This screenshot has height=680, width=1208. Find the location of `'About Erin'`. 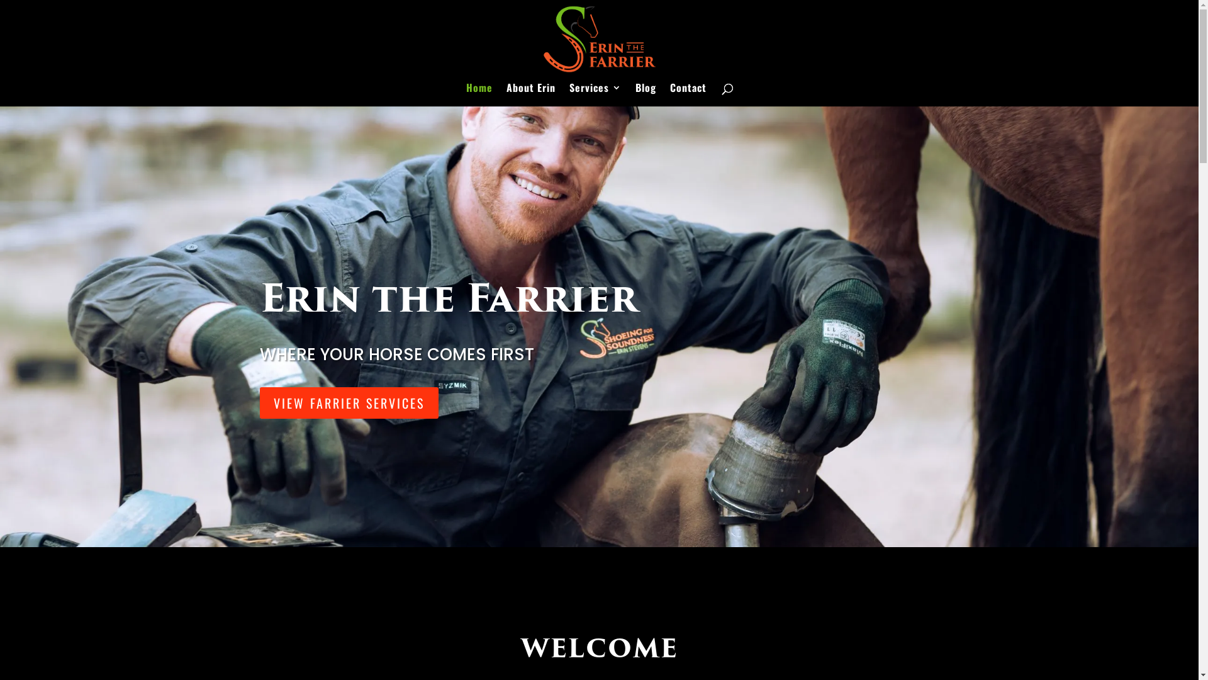

'About Erin' is located at coordinates (506, 94).